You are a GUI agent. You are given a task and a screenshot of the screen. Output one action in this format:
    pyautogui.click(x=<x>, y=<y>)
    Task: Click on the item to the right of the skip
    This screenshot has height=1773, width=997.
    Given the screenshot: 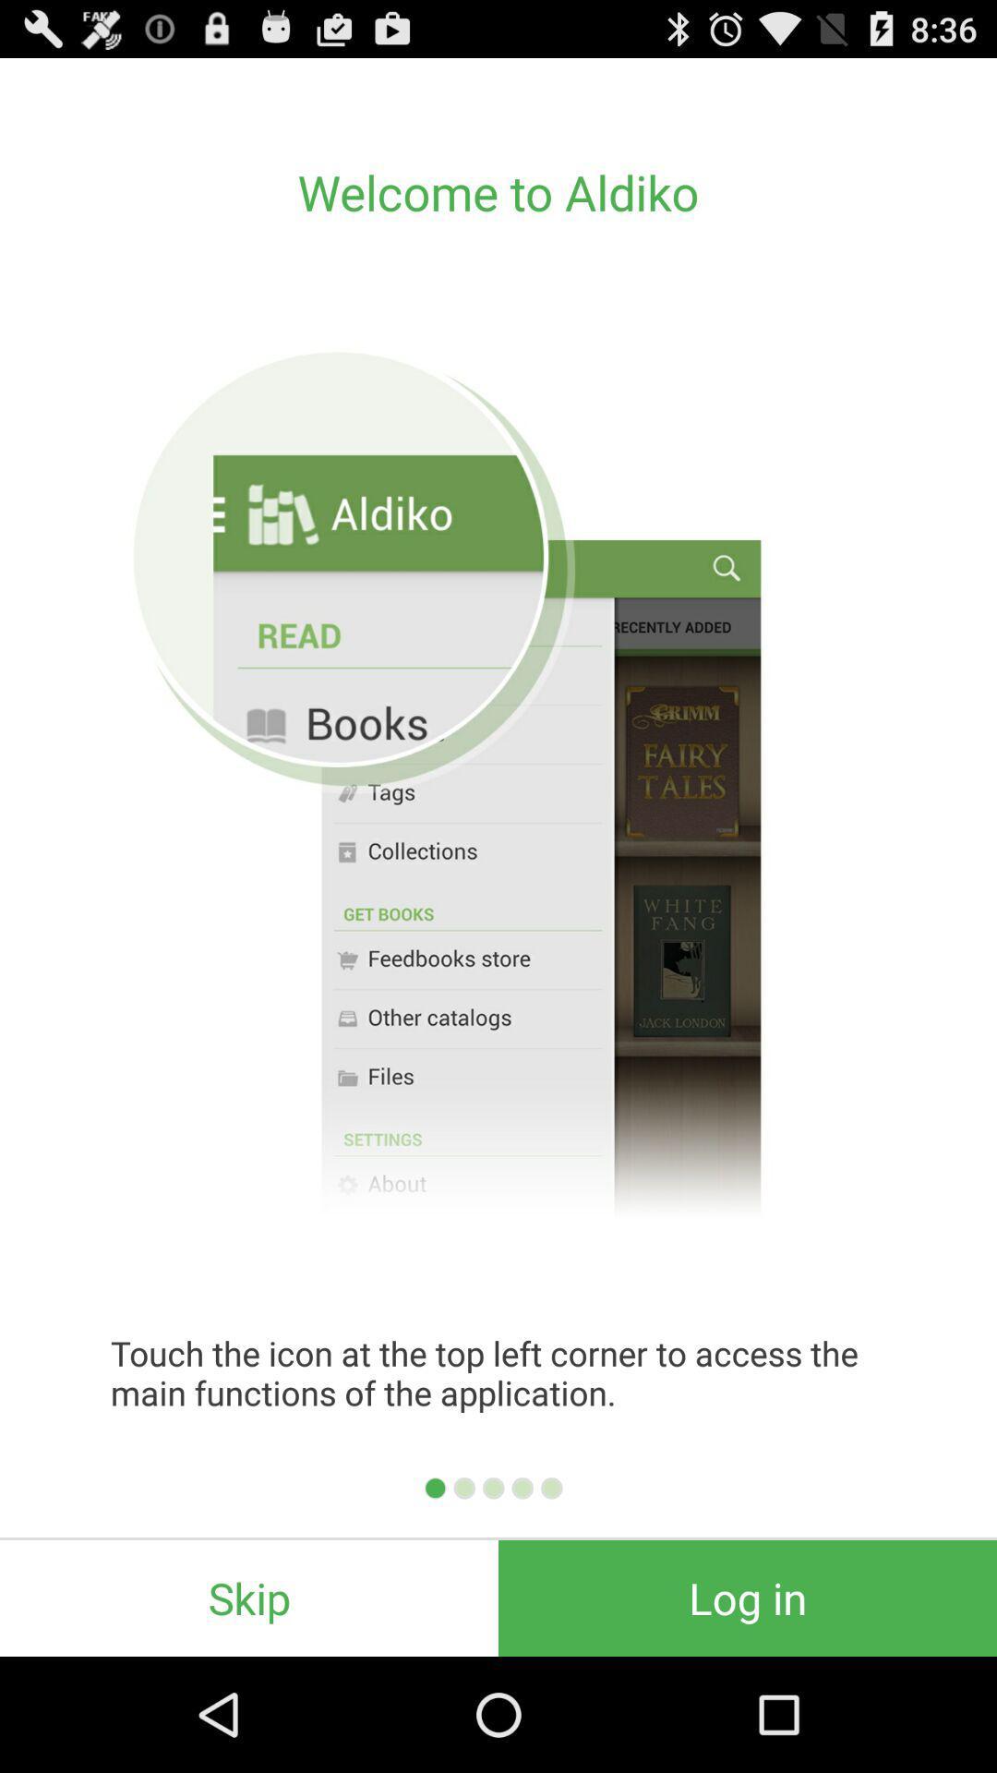 What is the action you would take?
    pyautogui.click(x=748, y=1598)
    